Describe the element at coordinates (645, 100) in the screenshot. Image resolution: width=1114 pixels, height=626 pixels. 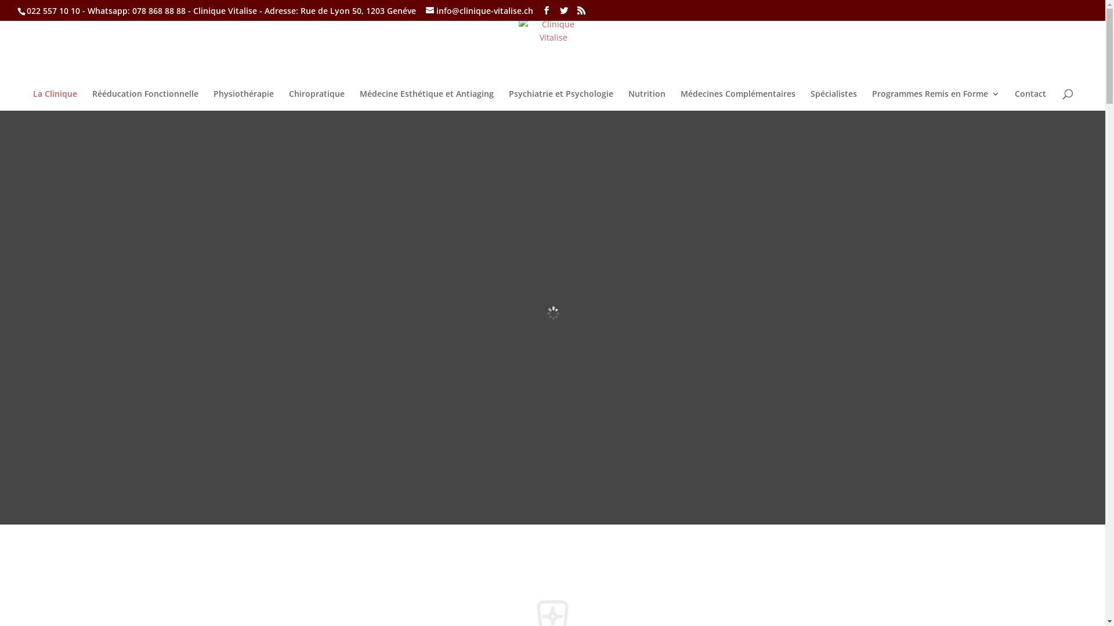
I see `'Nutrition'` at that location.